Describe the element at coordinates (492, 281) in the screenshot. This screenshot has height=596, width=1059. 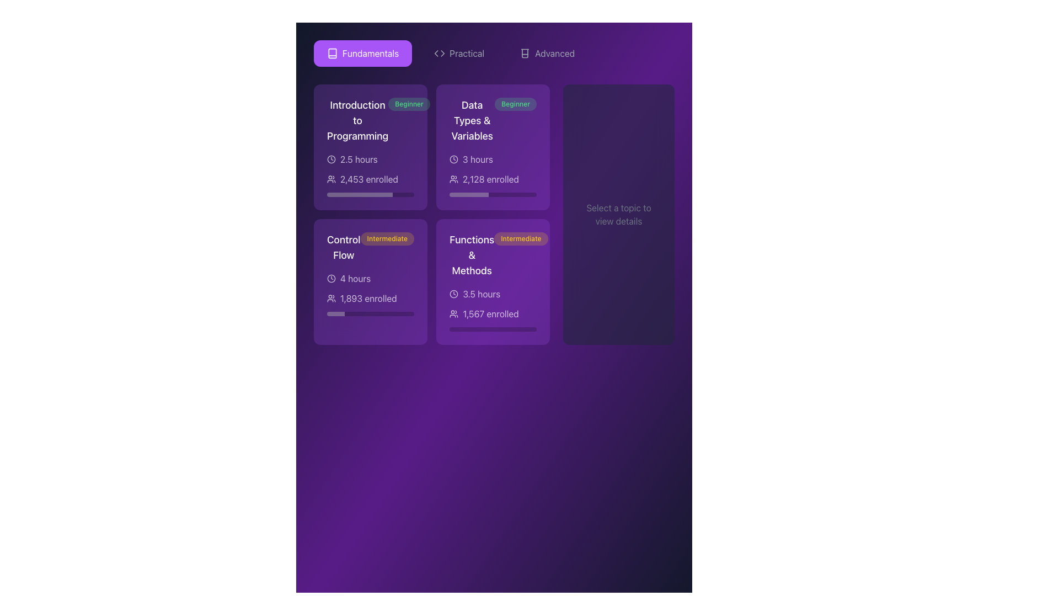
I see `the educational module card representing the 'Functions & Methods' course located in the bottom-right corner of the grid to trigger hover effects such as scale or shadow changes` at that location.